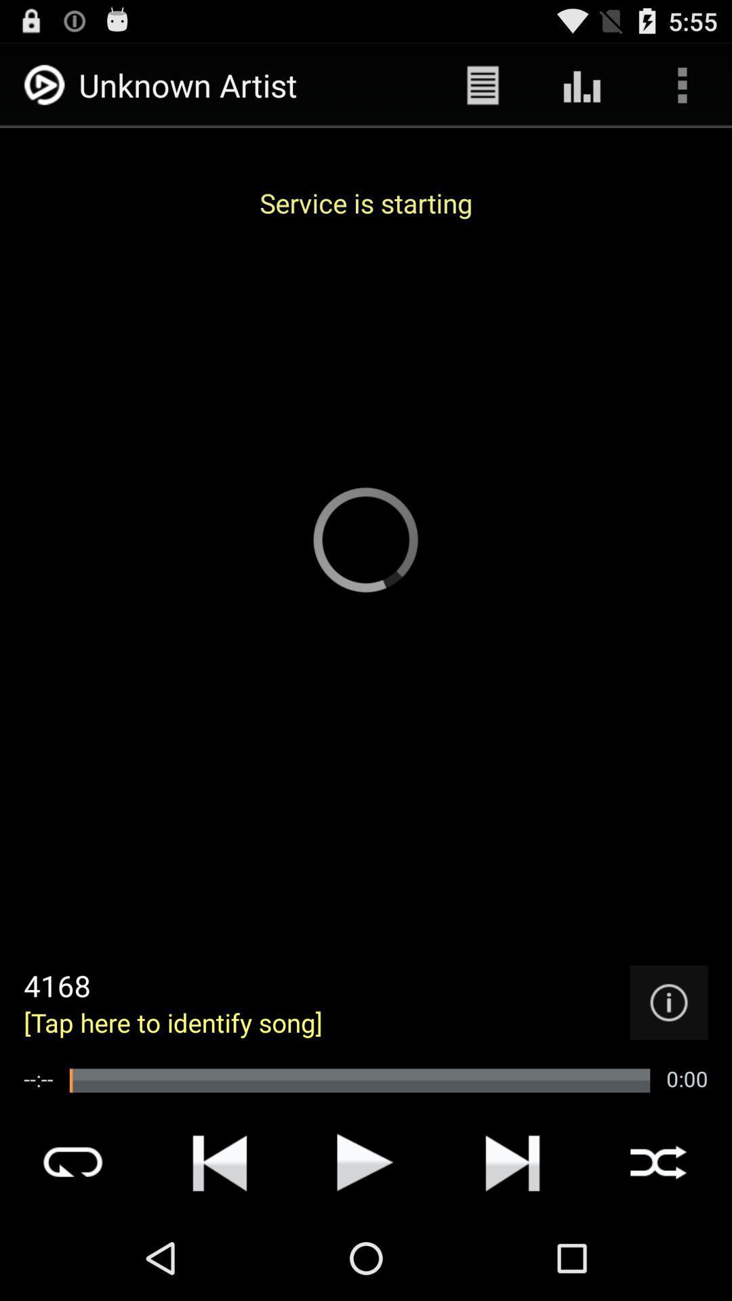 This screenshot has height=1301, width=732. Describe the element at coordinates (668, 1002) in the screenshot. I see `item above the 0:00 app` at that location.